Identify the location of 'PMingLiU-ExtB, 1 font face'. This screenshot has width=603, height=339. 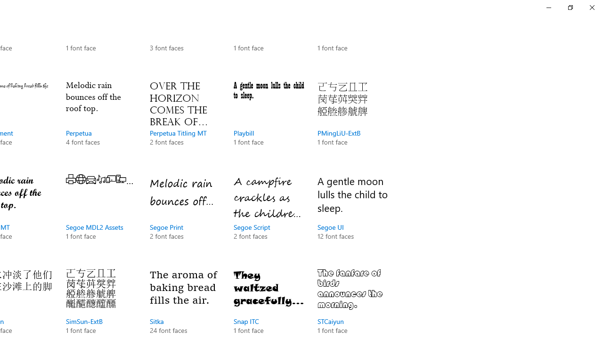
(352, 122).